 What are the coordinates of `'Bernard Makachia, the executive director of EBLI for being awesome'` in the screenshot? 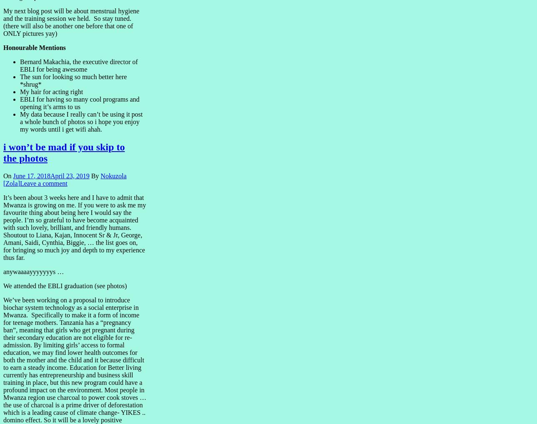 It's located at (78, 65).